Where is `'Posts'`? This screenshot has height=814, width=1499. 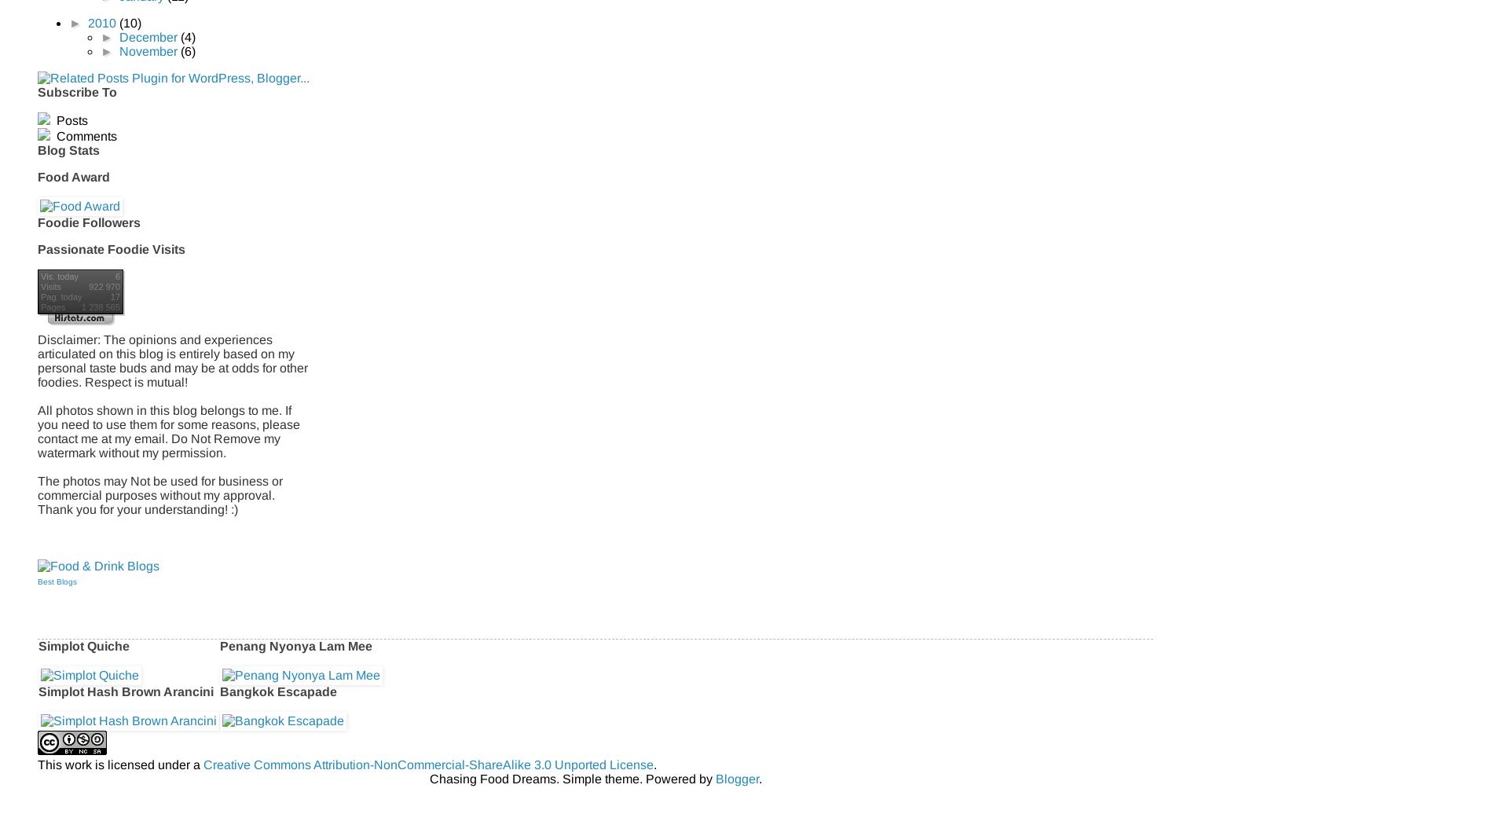
'Posts' is located at coordinates (52, 119).